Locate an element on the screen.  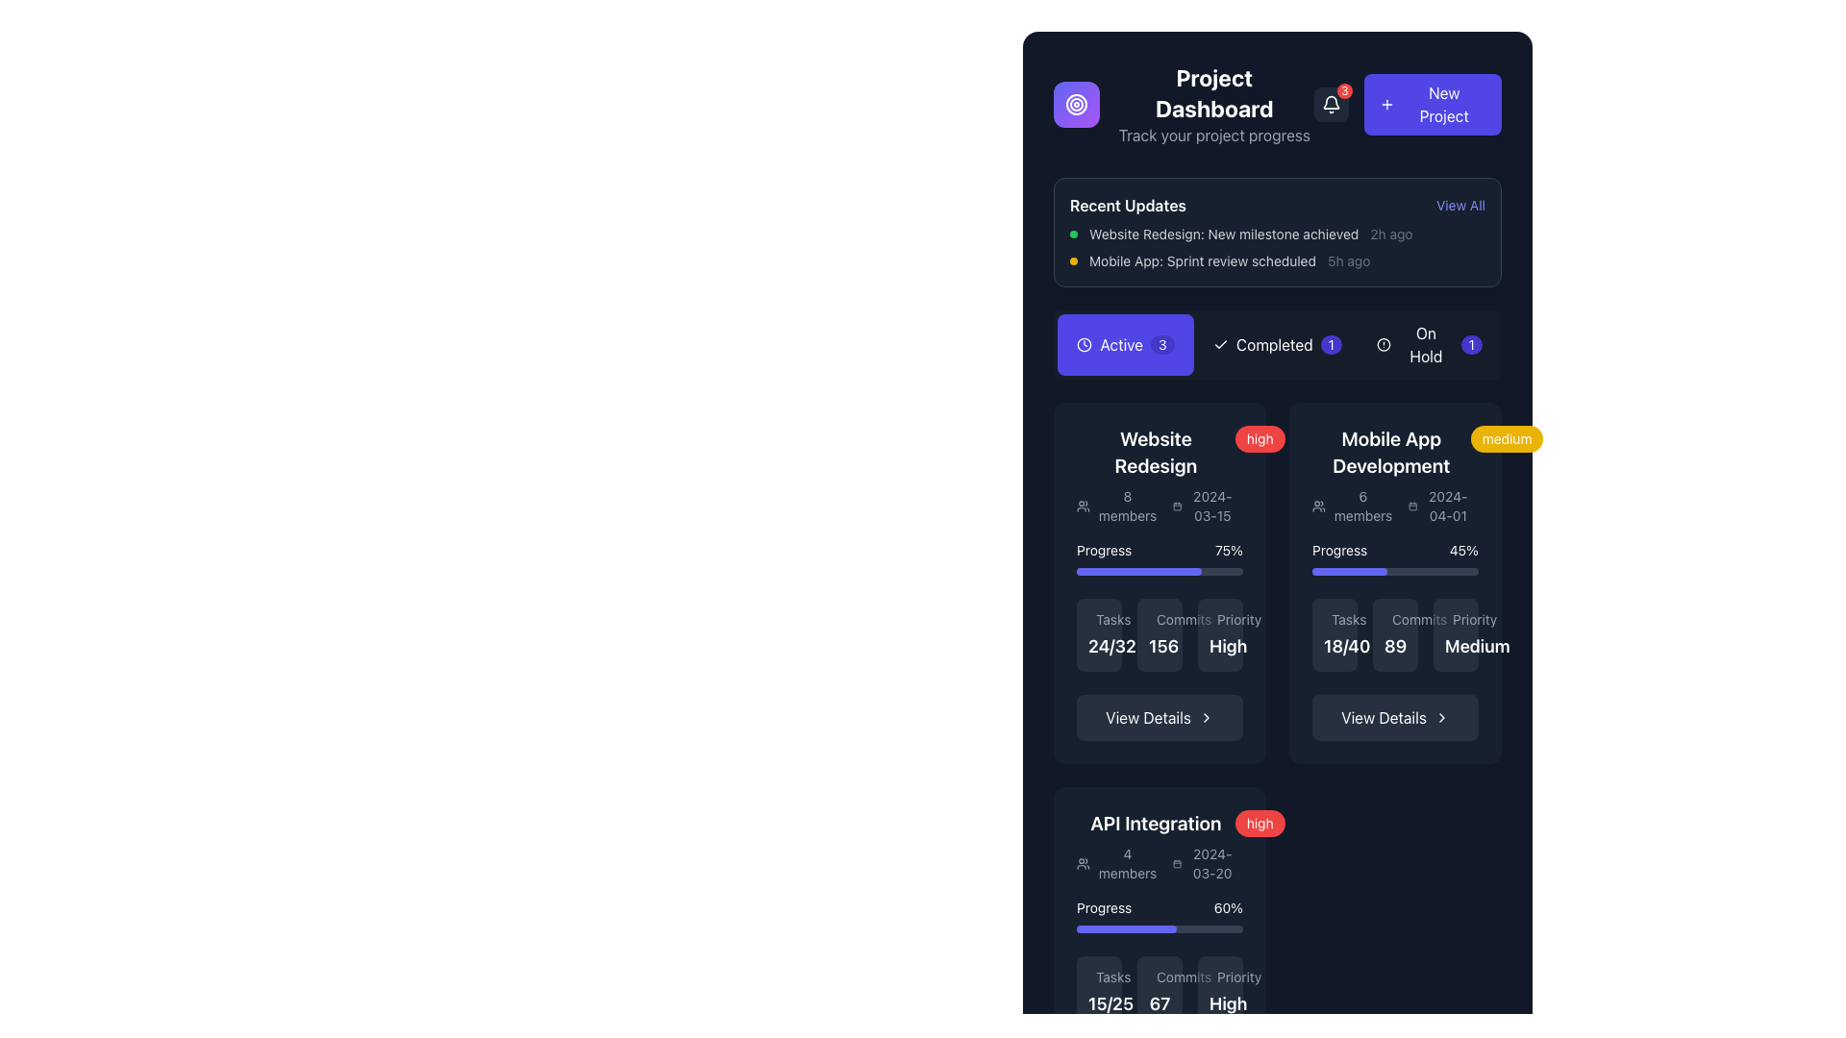
the SVG circle graphical element that is part of the alert or notification icon within the 'On Hold' button or filter section is located at coordinates (1383, 343).